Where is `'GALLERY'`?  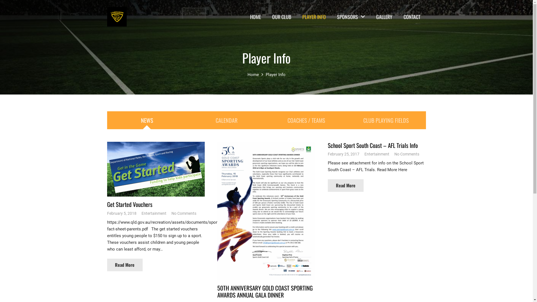 'GALLERY' is located at coordinates (384, 16).